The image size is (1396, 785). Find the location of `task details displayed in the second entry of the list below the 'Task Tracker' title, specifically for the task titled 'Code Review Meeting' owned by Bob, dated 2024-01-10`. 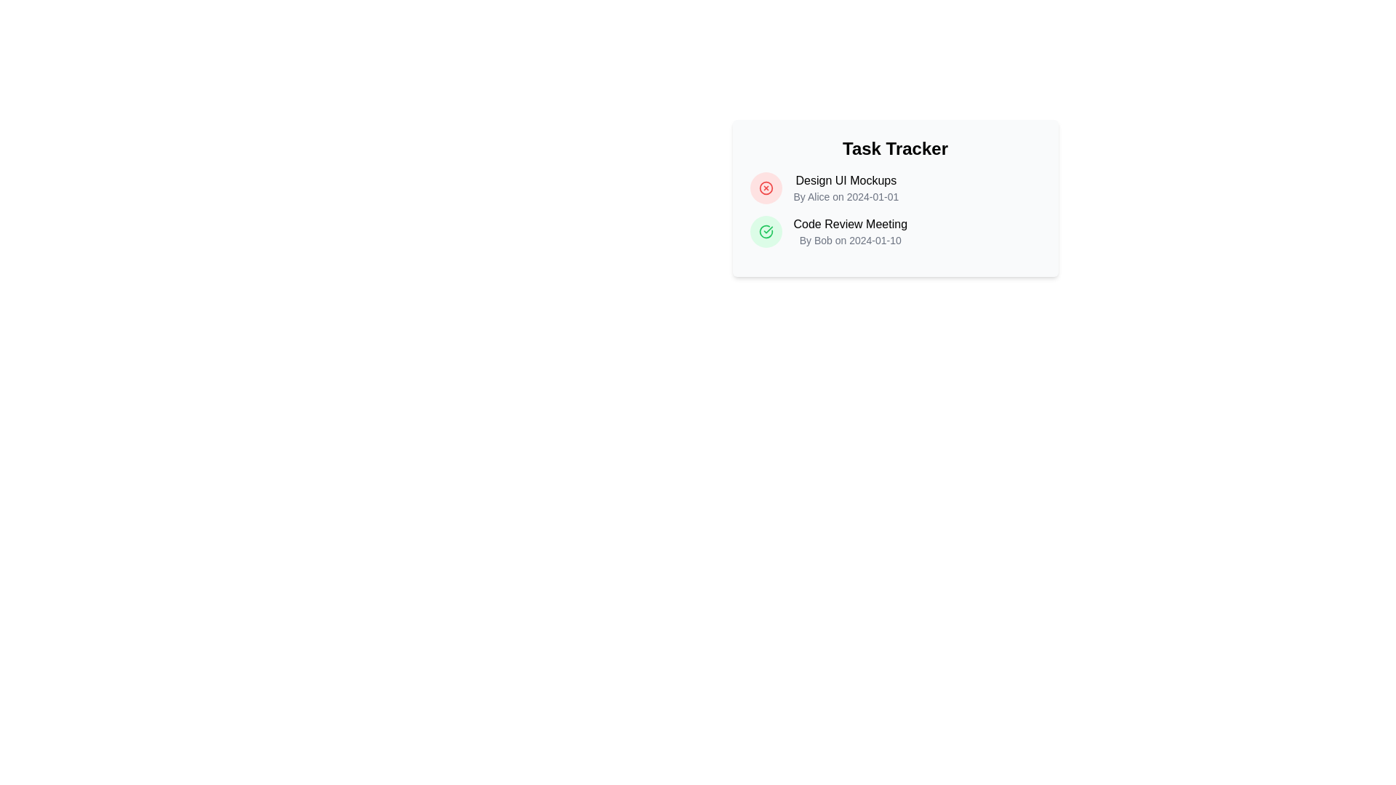

task details displayed in the second entry of the list below the 'Task Tracker' title, specifically for the task titled 'Code Review Meeting' owned by Bob, dated 2024-01-10 is located at coordinates (850, 231).